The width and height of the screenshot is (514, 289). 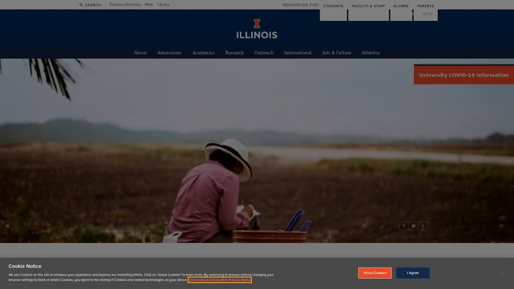 I want to click on Close, so click(x=501, y=273).